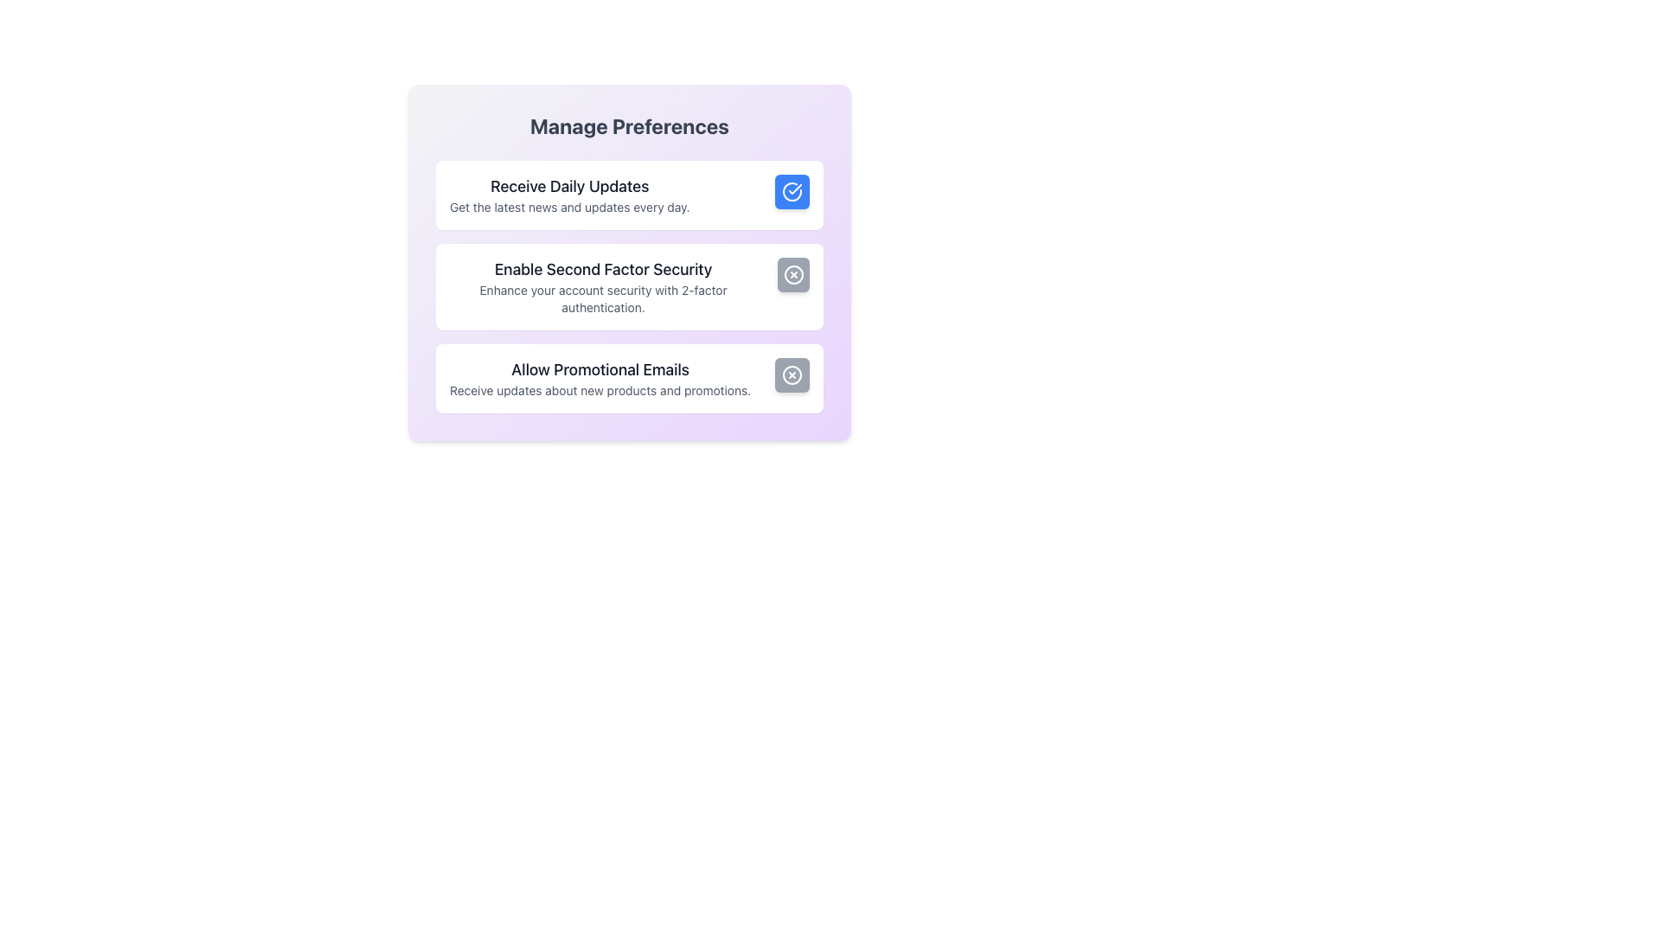 The width and height of the screenshot is (1661, 934). Describe the element at coordinates (600, 390) in the screenshot. I see `the text that reads 'Receive updates about new products and promotions.' located beneath the title 'Allow Promotional Emails'` at that location.